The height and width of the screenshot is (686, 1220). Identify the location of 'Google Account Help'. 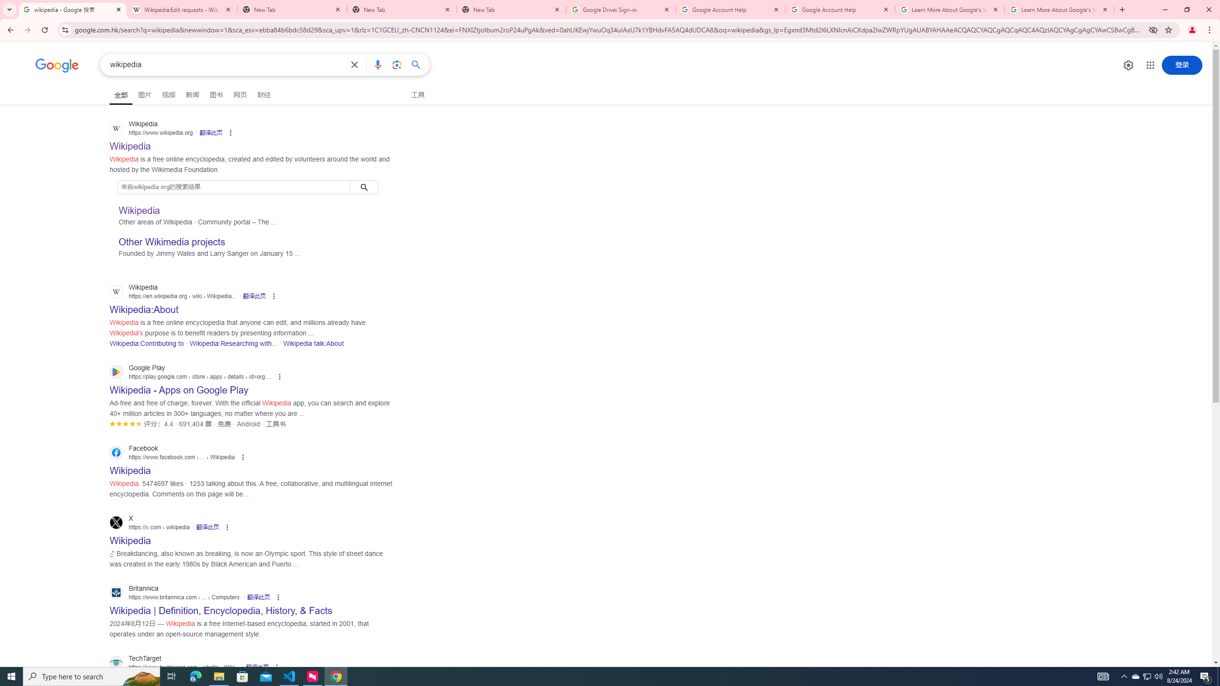
(839, 9).